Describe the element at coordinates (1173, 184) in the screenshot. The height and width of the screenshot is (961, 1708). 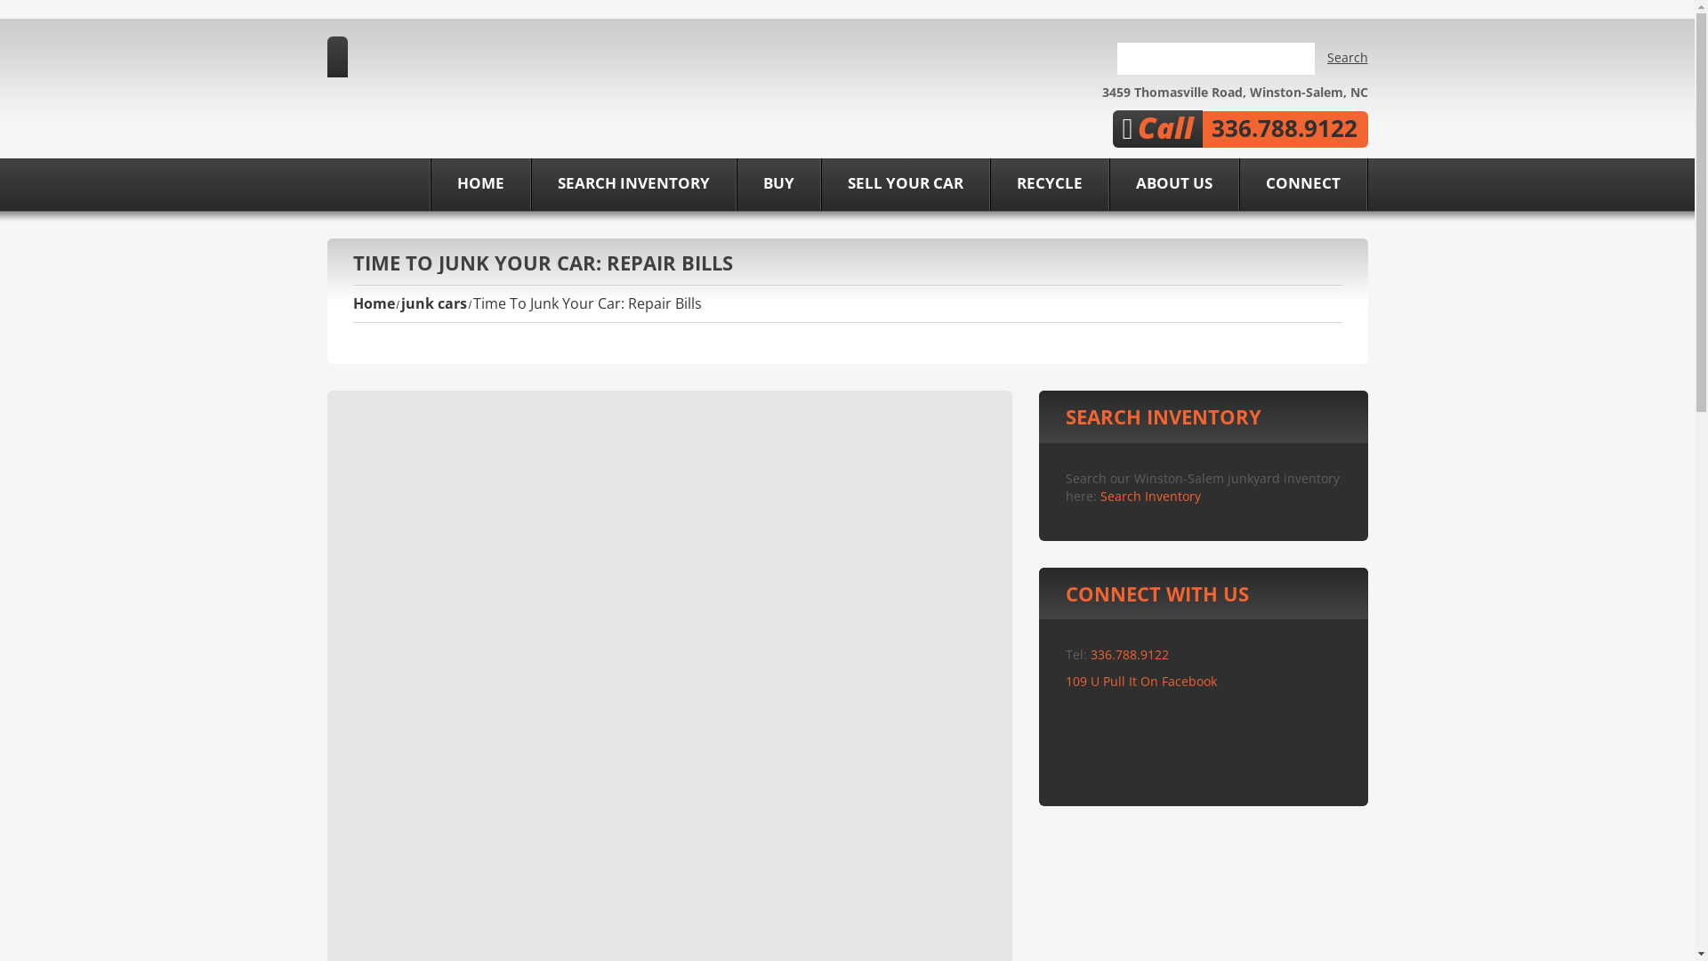
I see `'ABOUT US'` at that location.